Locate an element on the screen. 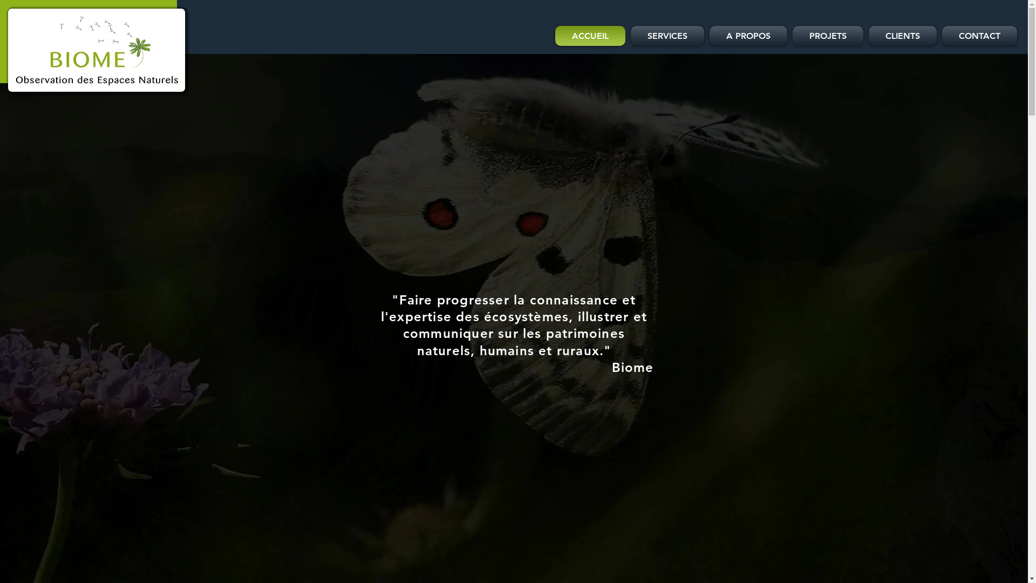 This screenshot has width=1036, height=583. 'ACCUEIL' is located at coordinates (591, 35).